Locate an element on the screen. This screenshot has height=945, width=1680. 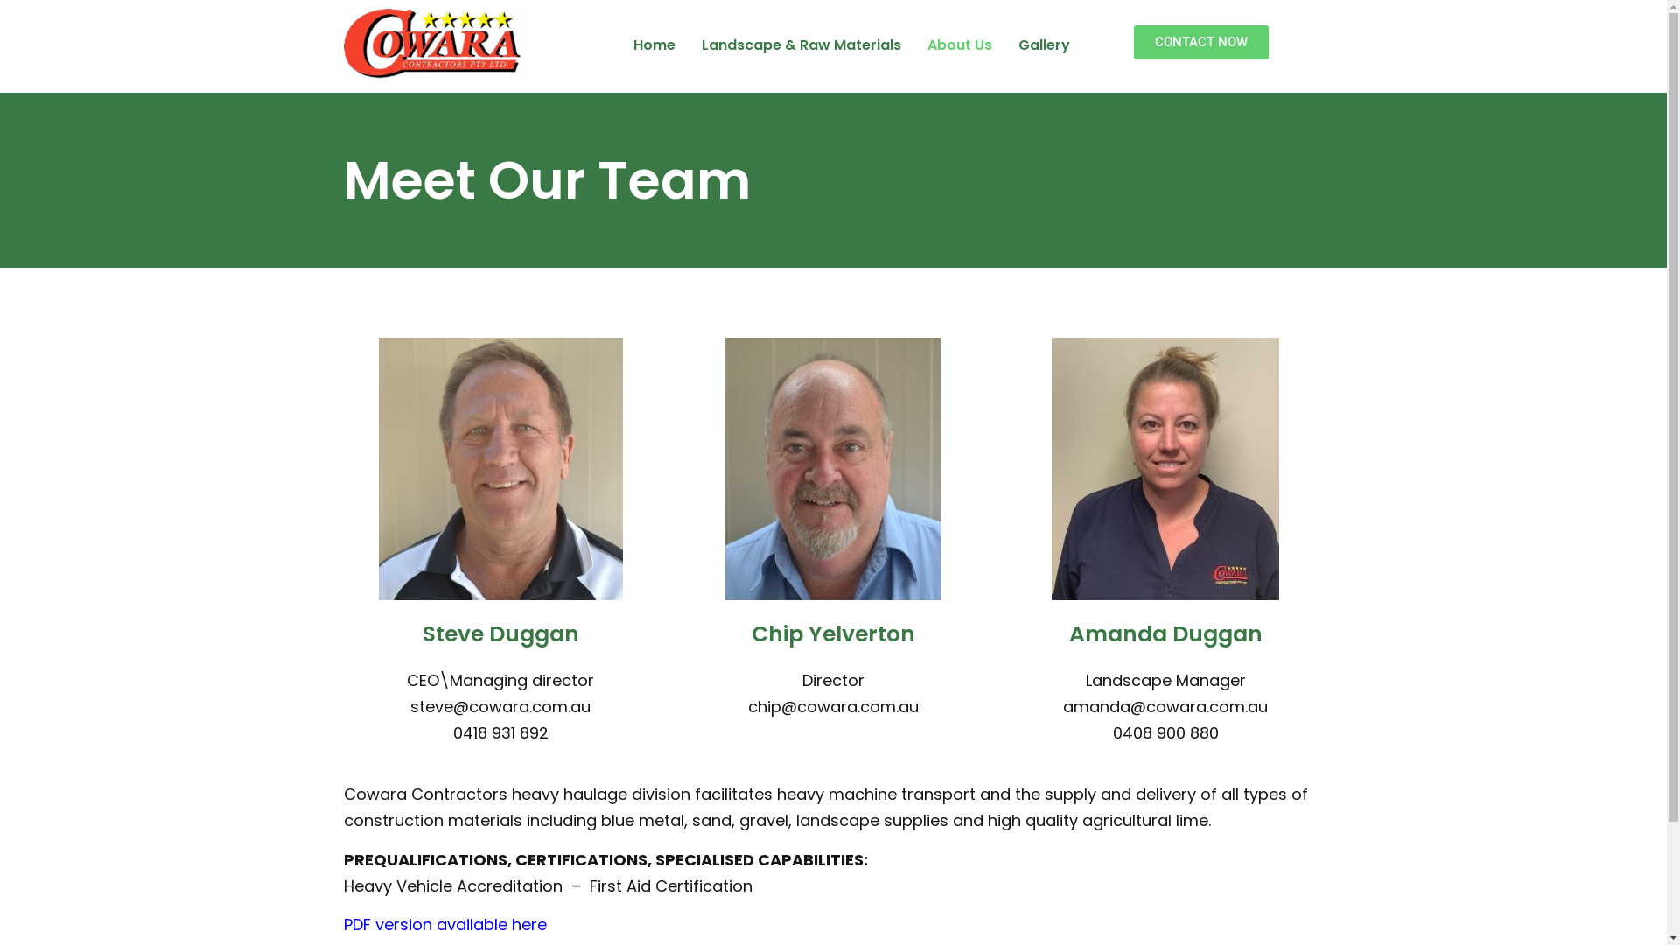
'Gallery' is located at coordinates (1044, 44).